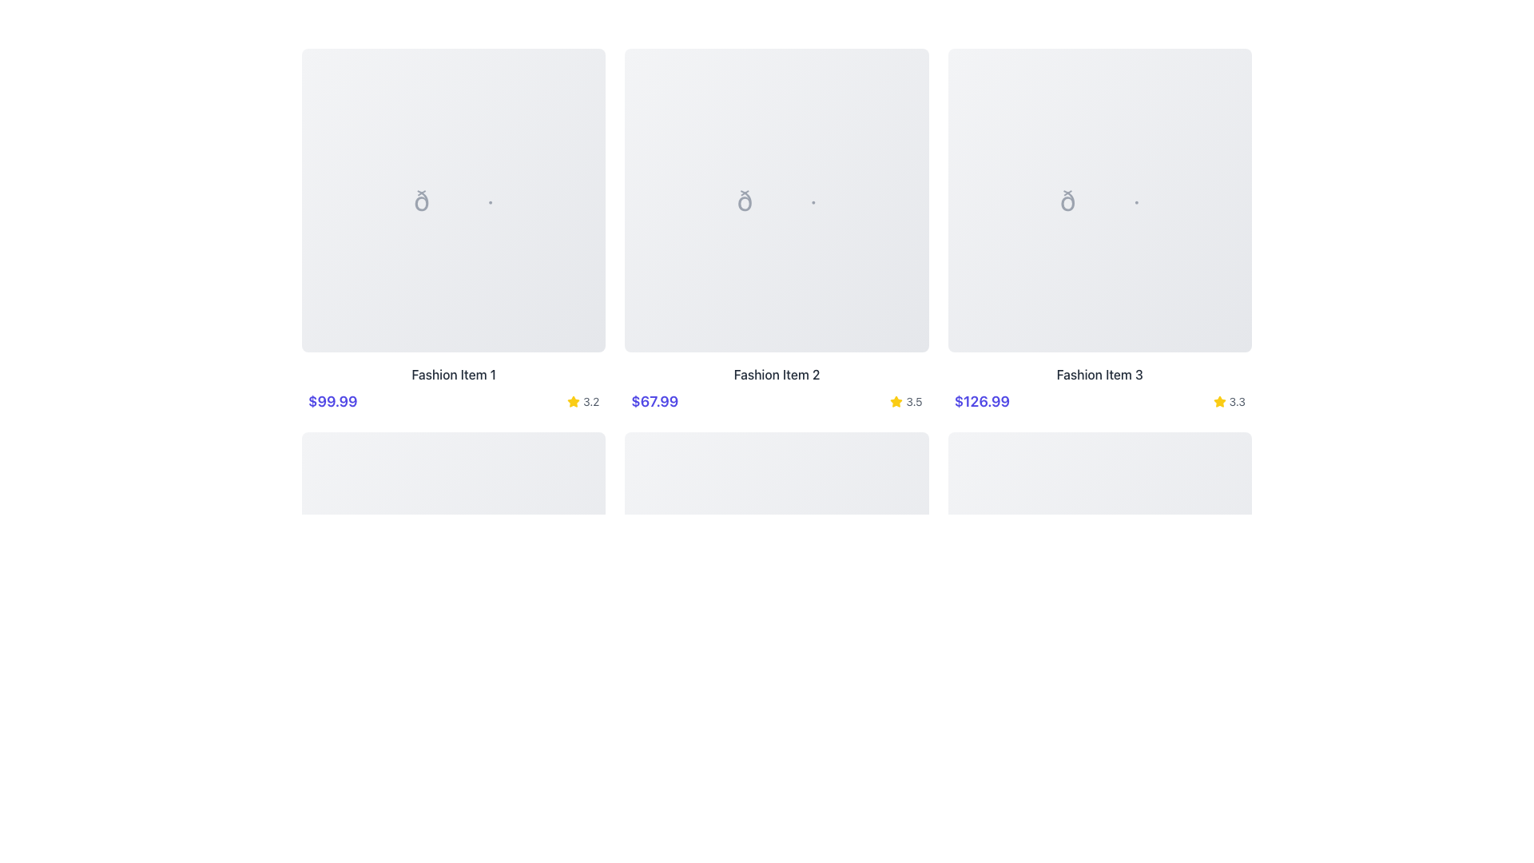  I want to click on the text label displaying 'Fashion Item 2', which is located in the second column of the grid, directly below the central image placeholder, so click(777, 375).